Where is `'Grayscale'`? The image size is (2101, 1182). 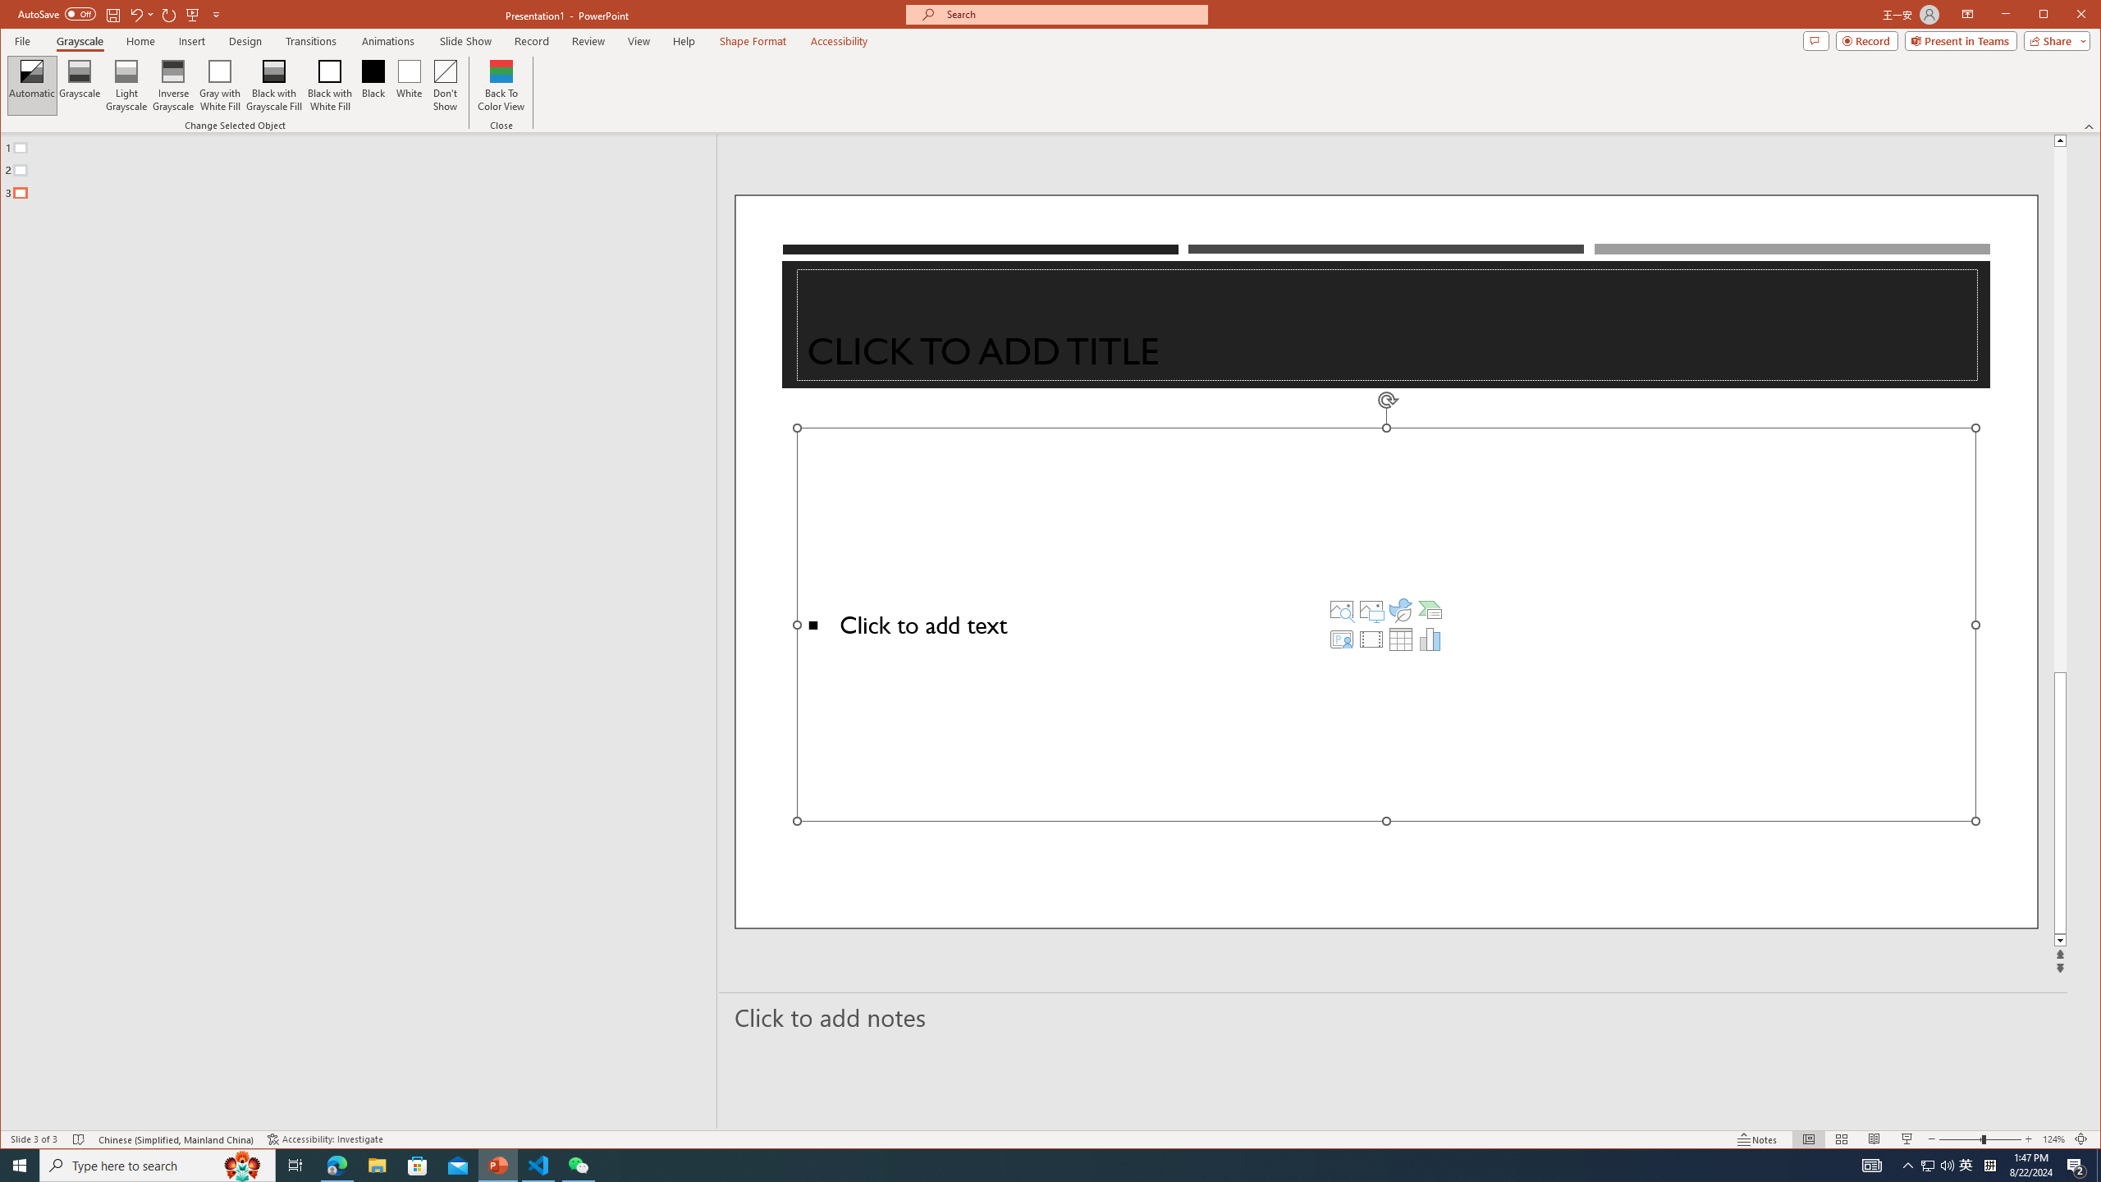
'Grayscale' is located at coordinates (80, 85).